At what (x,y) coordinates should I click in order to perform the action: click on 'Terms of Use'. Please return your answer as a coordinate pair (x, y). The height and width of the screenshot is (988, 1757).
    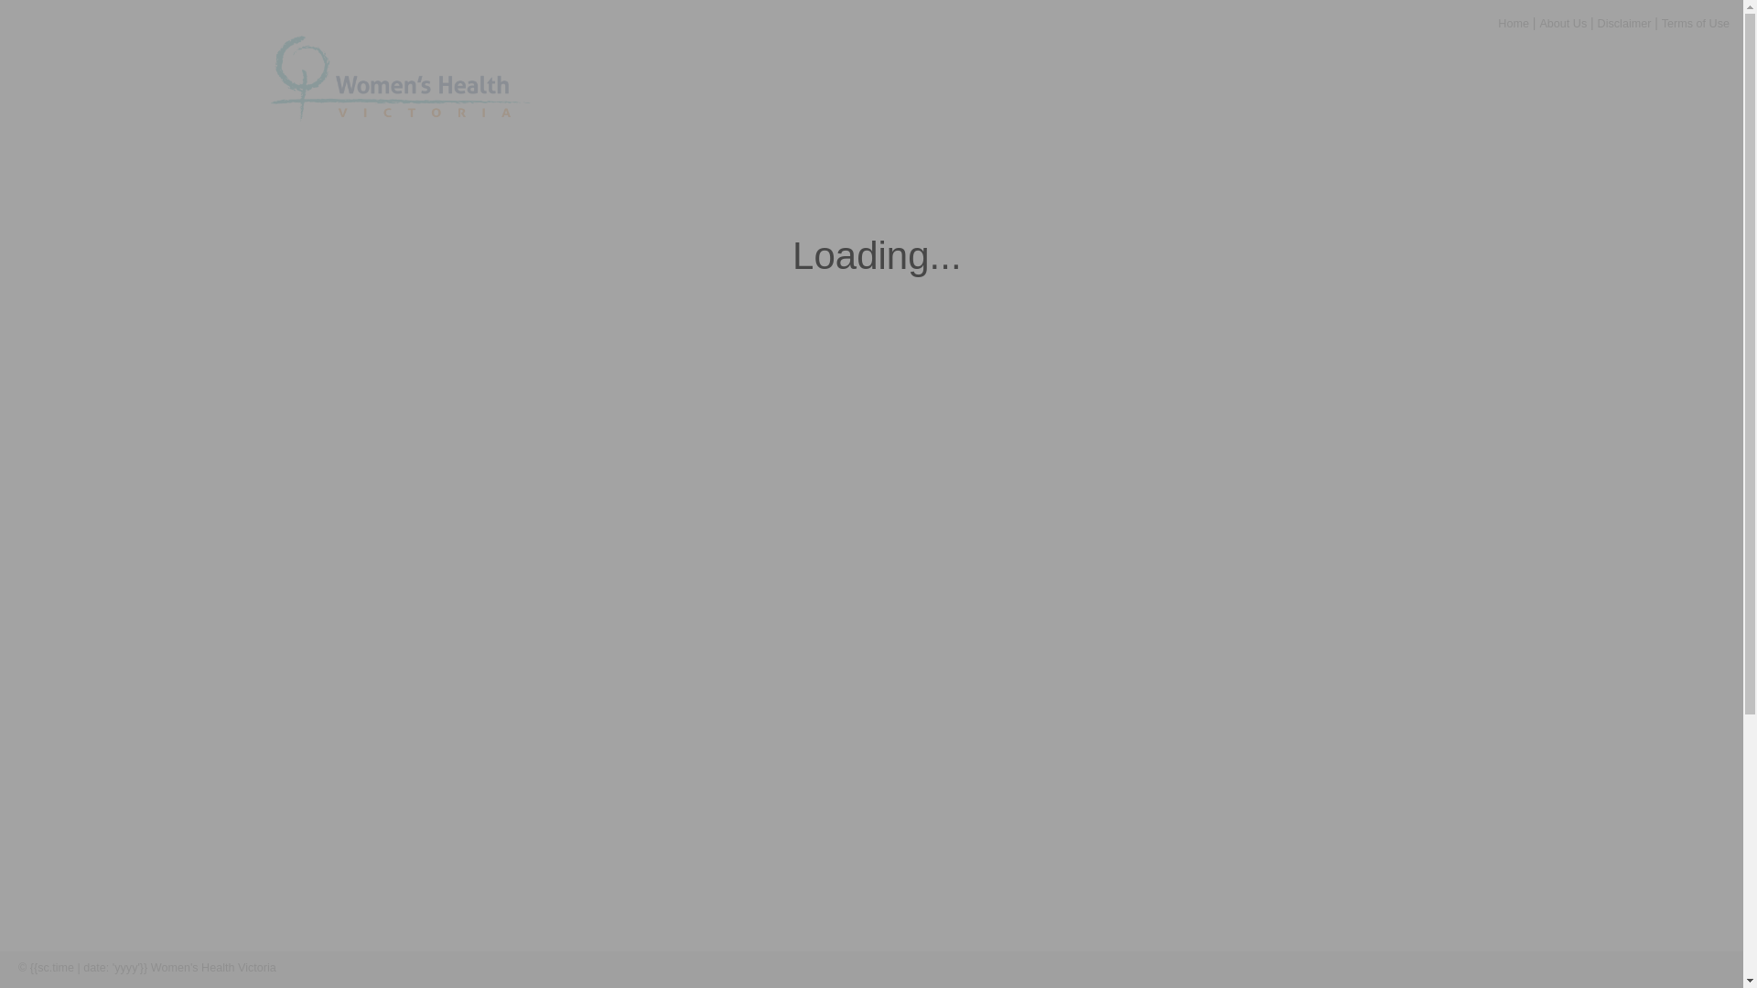
    Looking at the image, I should click on (1694, 24).